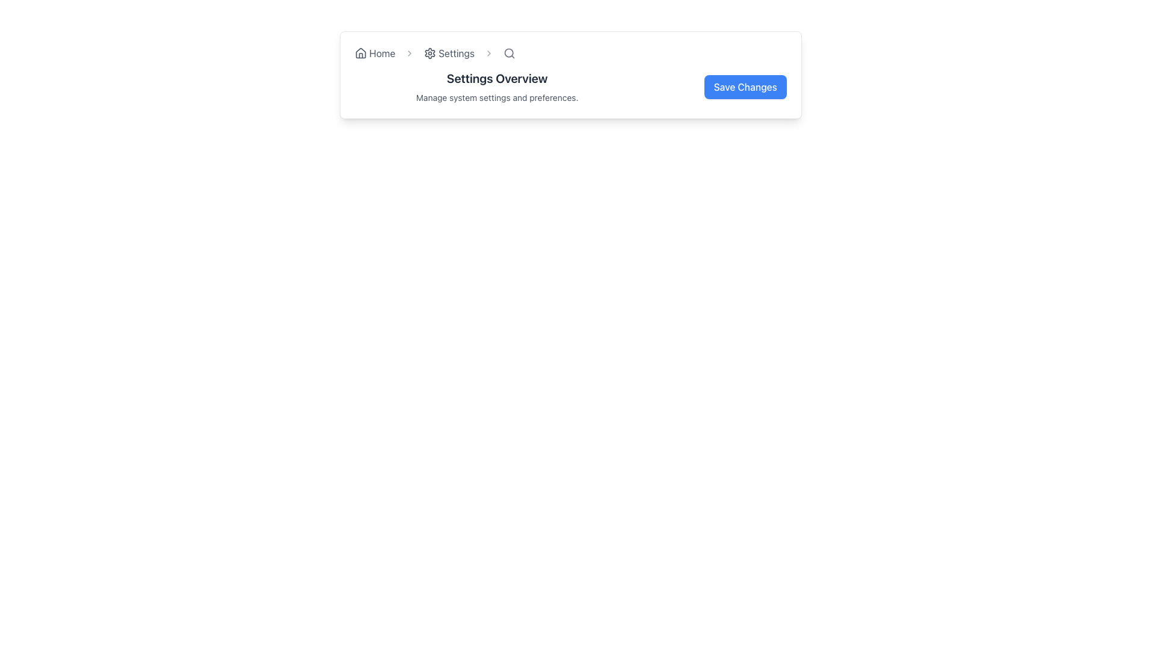  What do you see at coordinates (449, 52) in the screenshot?
I see `the 'Settings' hyperlink in the navigation bar` at bounding box center [449, 52].